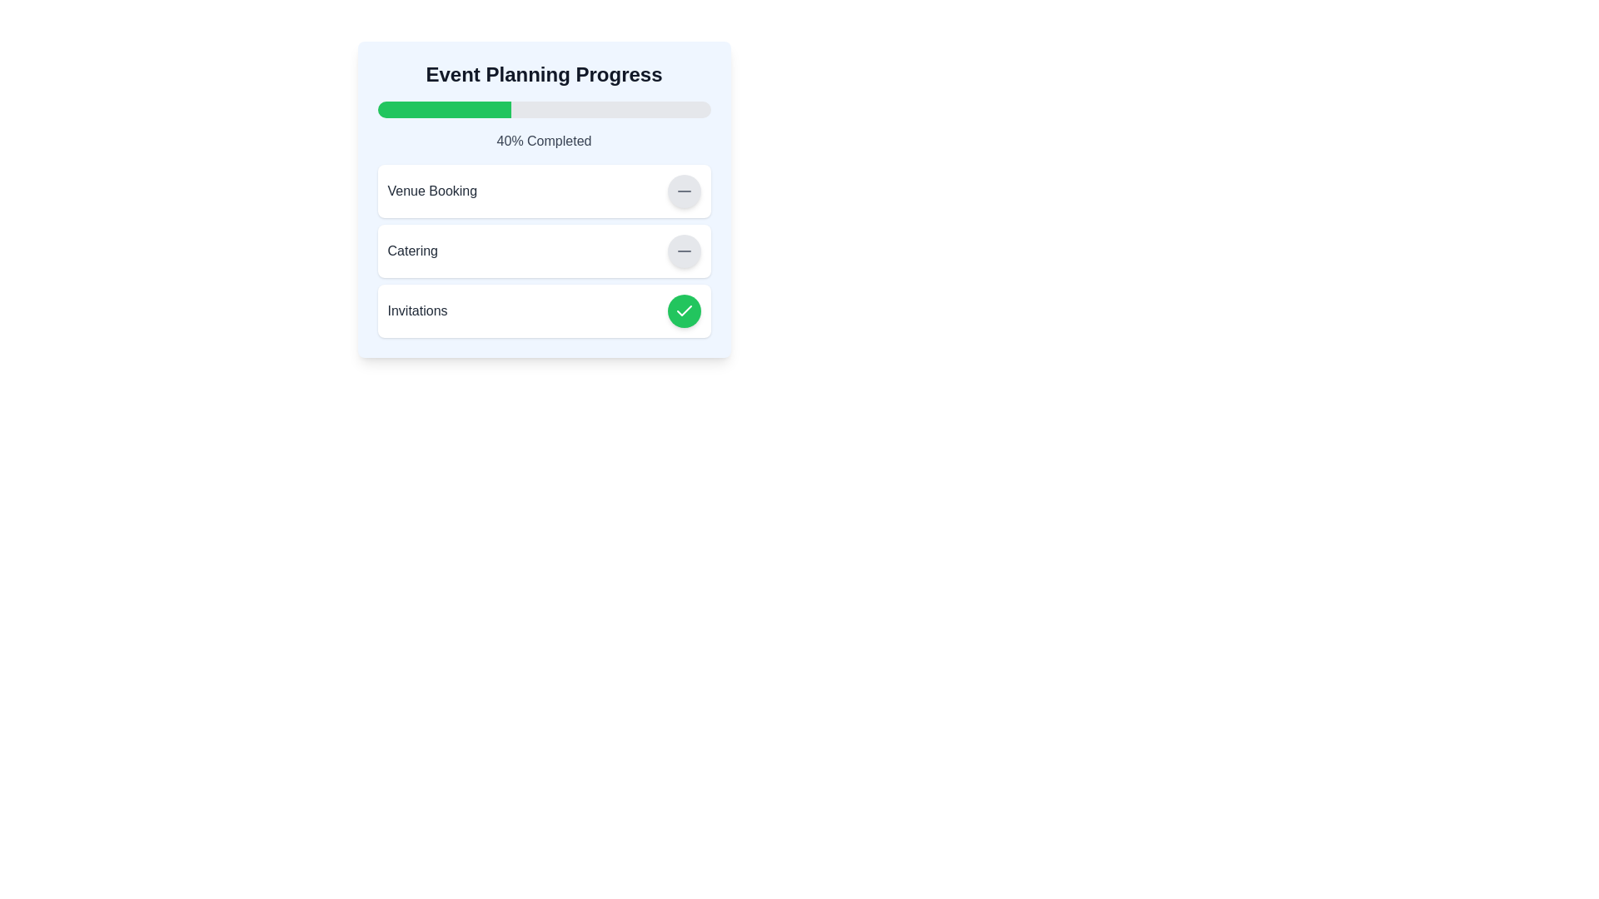 Image resolution: width=1599 pixels, height=899 pixels. Describe the element at coordinates (684, 311) in the screenshot. I see `the circular green button with a white checkmark icon located in the 'Invitations' section of the 'Event Planning Progress' panel` at that location.